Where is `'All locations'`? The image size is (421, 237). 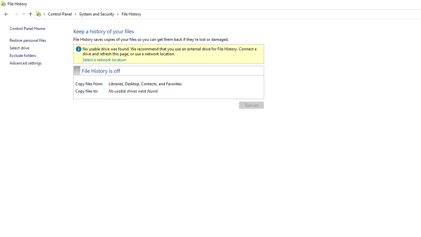 'All locations' is located at coordinates (40, 14).